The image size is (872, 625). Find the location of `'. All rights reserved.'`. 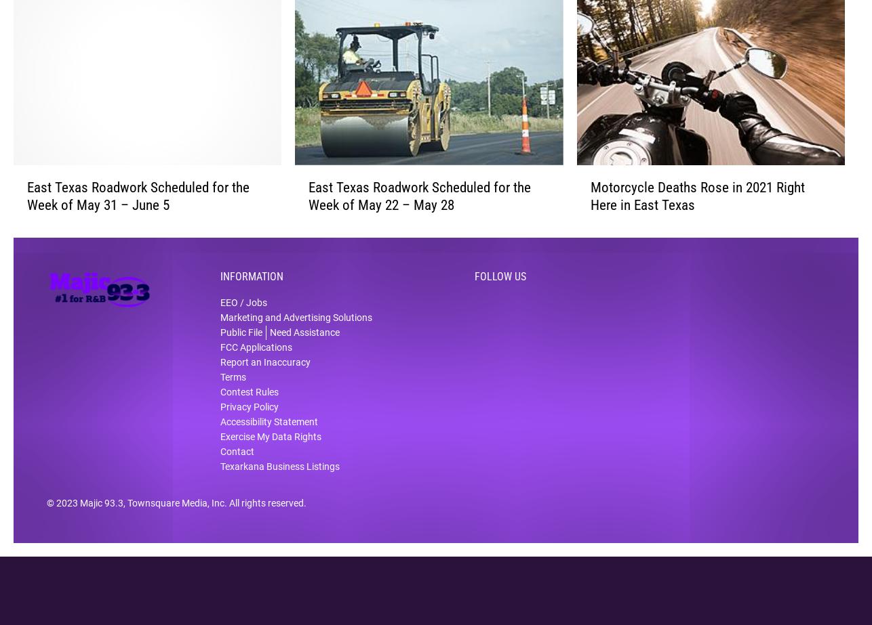

'. All rights reserved.' is located at coordinates (264, 512).